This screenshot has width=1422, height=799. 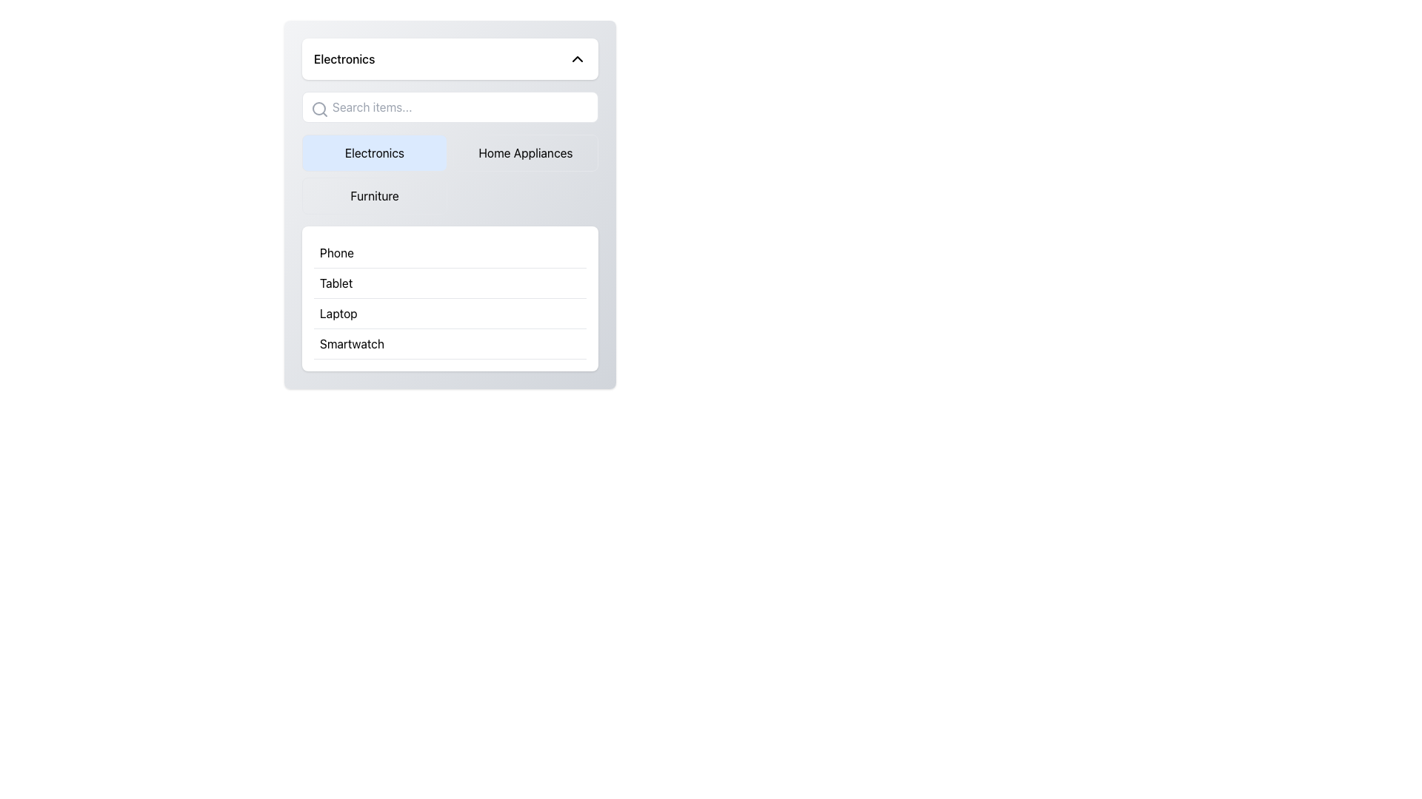 What do you see at coordinates (450, 313) in the screenshot?
I see `the selectable list item labeled 'Laptop' in the Electronics section, which is the third item in the vertical list` at bounding box center [450, 313].